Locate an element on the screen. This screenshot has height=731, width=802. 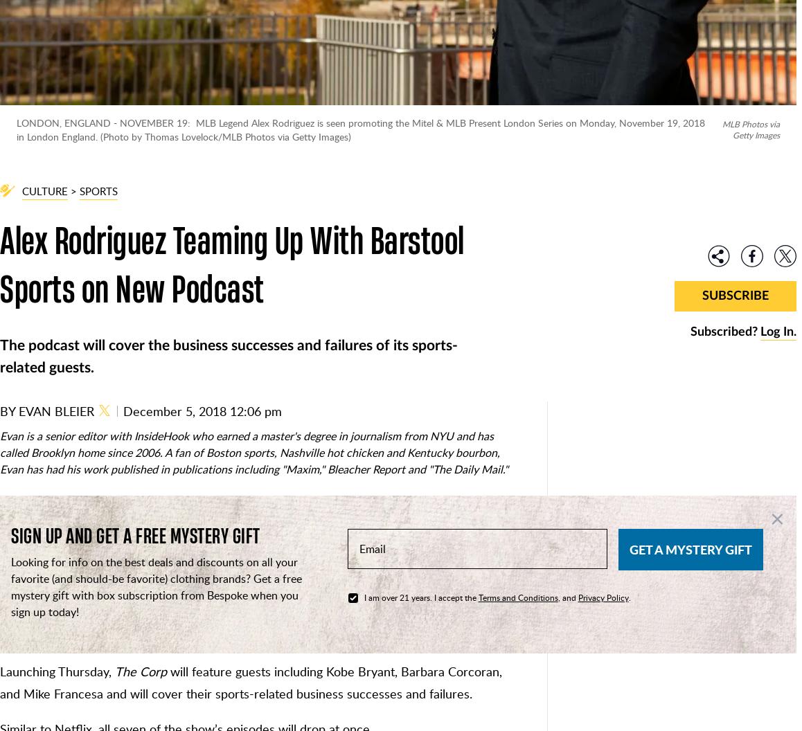
'A pair of polarizing sports entities is teaming up on a new project.' is located at coordinates (178, 519).